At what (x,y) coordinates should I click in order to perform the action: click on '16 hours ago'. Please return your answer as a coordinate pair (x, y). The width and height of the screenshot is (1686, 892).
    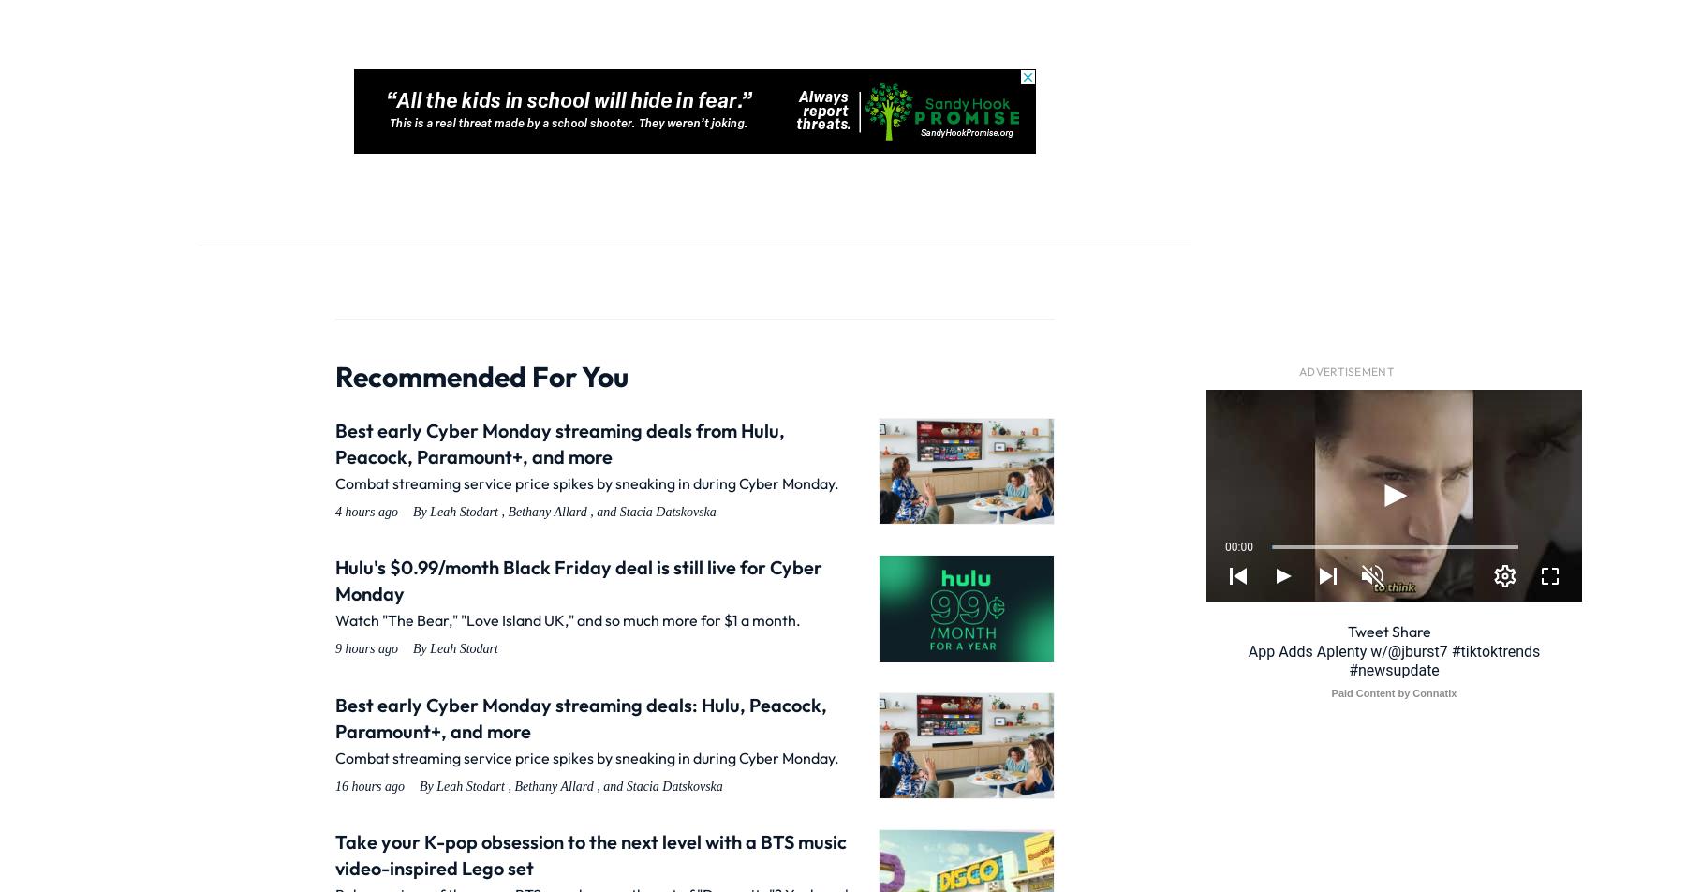
    Looking at the image, I should click on (369, 785).